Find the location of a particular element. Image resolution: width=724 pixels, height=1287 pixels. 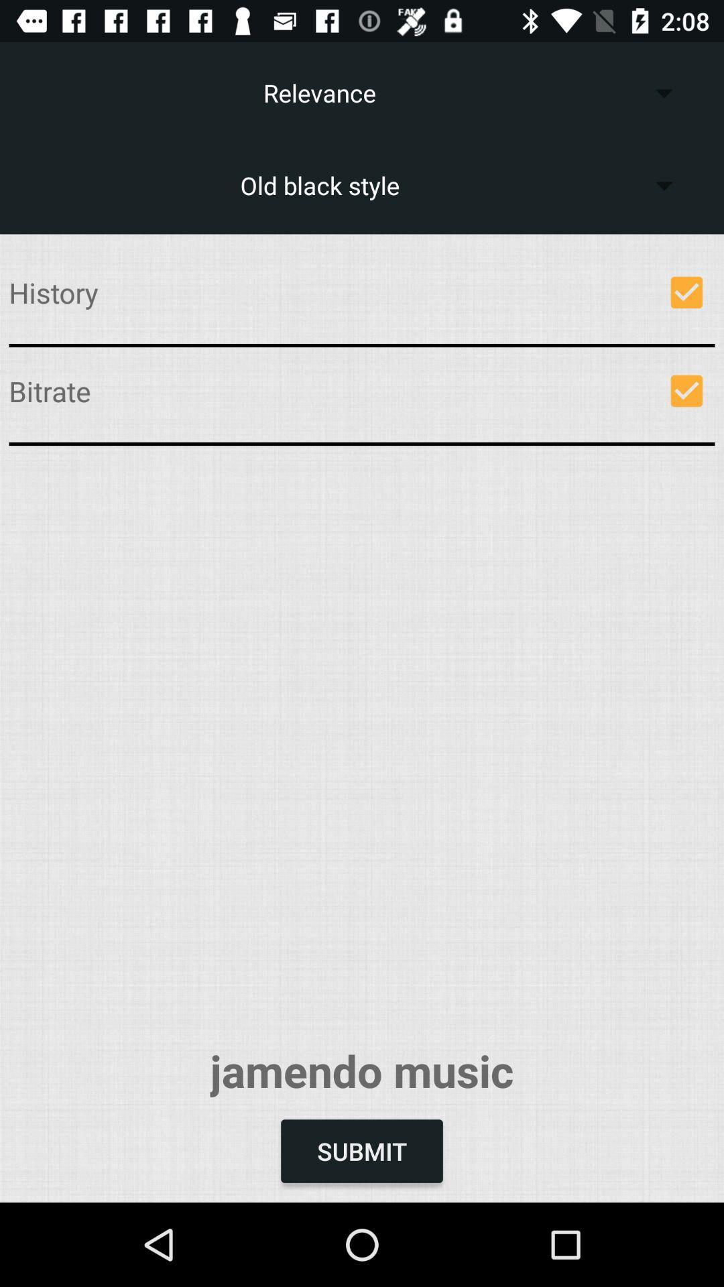

auto-play on is located at coordinates (686, 390).